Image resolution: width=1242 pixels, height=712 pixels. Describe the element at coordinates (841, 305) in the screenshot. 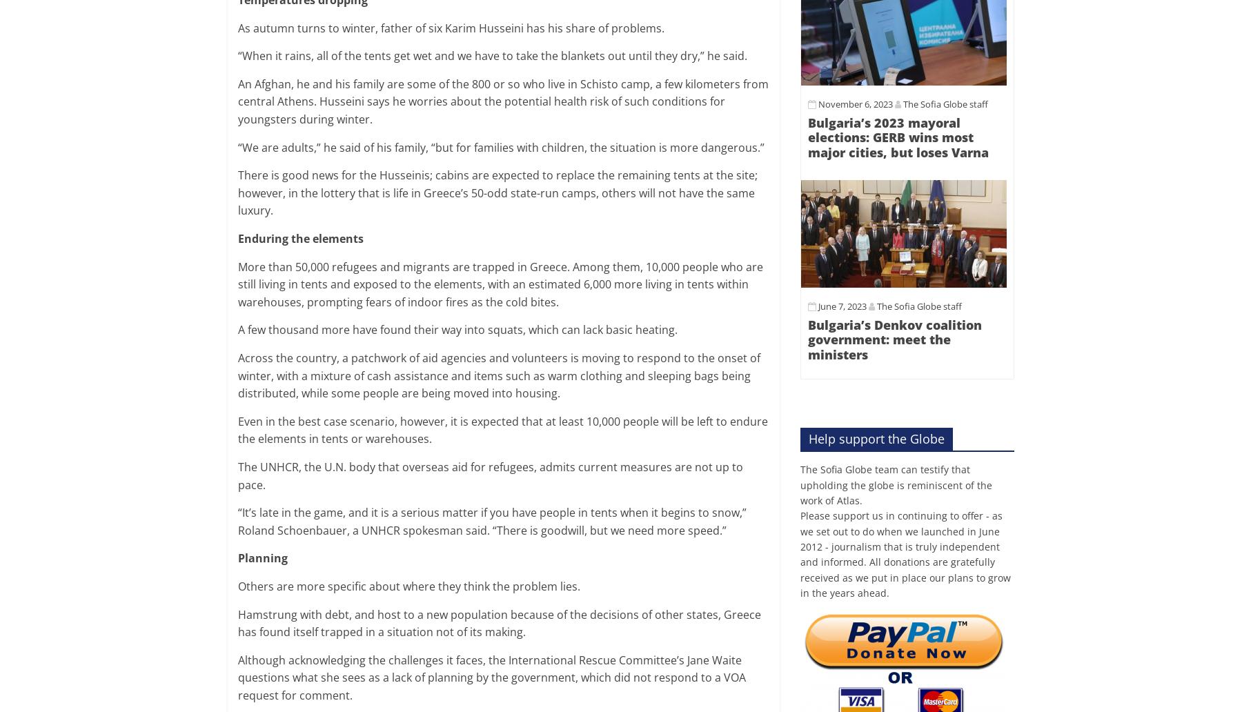

I see `'June 7, 2023'` at that location.